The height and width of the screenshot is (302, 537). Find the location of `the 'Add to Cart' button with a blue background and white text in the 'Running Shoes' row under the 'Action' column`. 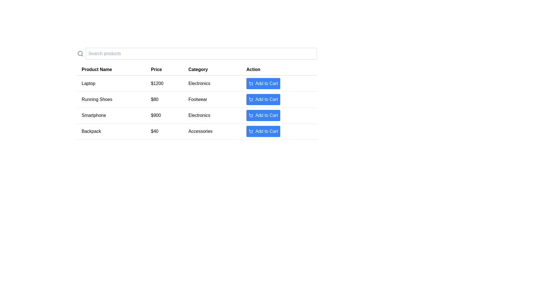

the 'Add to Cart' button with a blue background and white text in the 'Running Shoes' row under the 'Action' column is located at coordinates (263, 99).